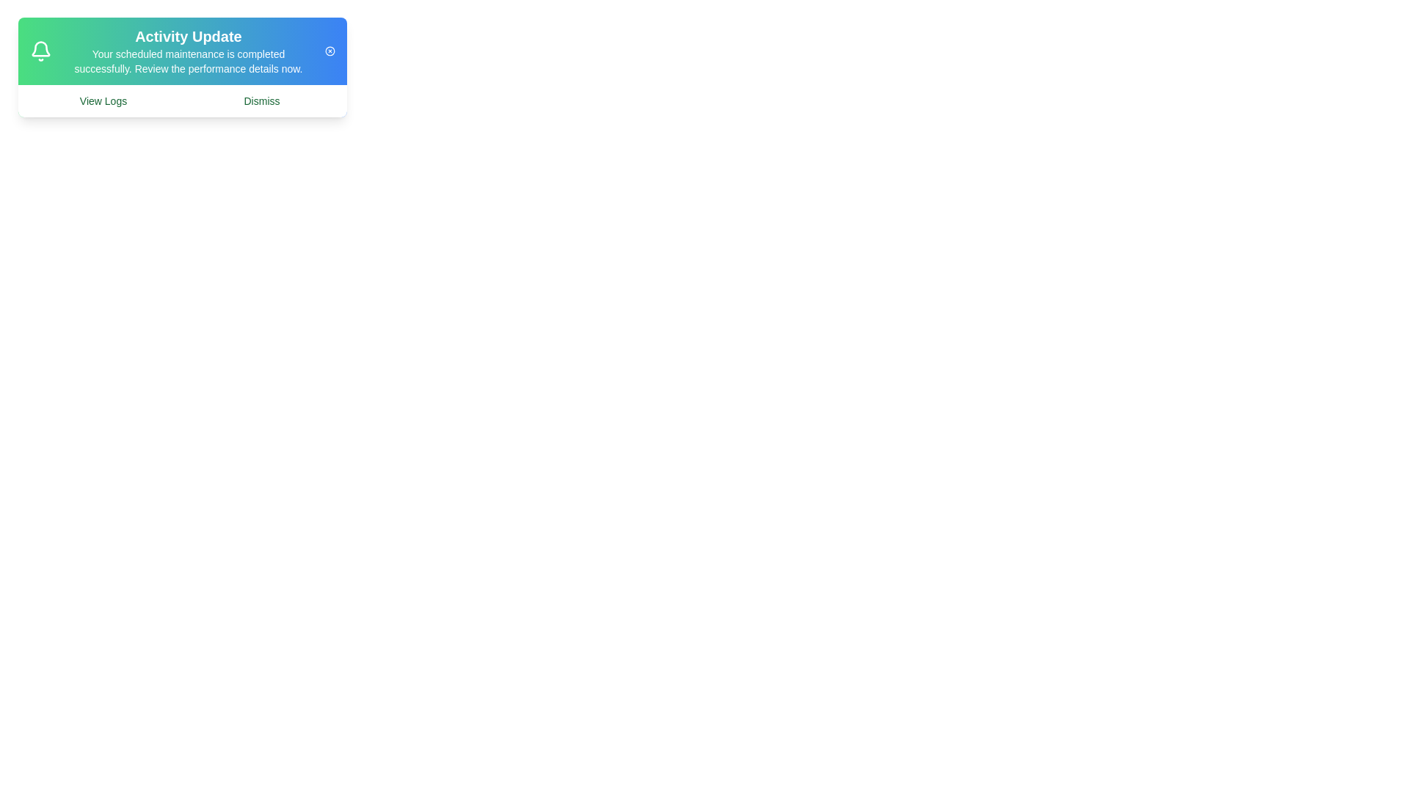 This screenshot has height=792, width=1409. Describe the element at coordinates (261, 100) in the screenshot. I see `'Dismiss' button to dismiss the update` at that location.